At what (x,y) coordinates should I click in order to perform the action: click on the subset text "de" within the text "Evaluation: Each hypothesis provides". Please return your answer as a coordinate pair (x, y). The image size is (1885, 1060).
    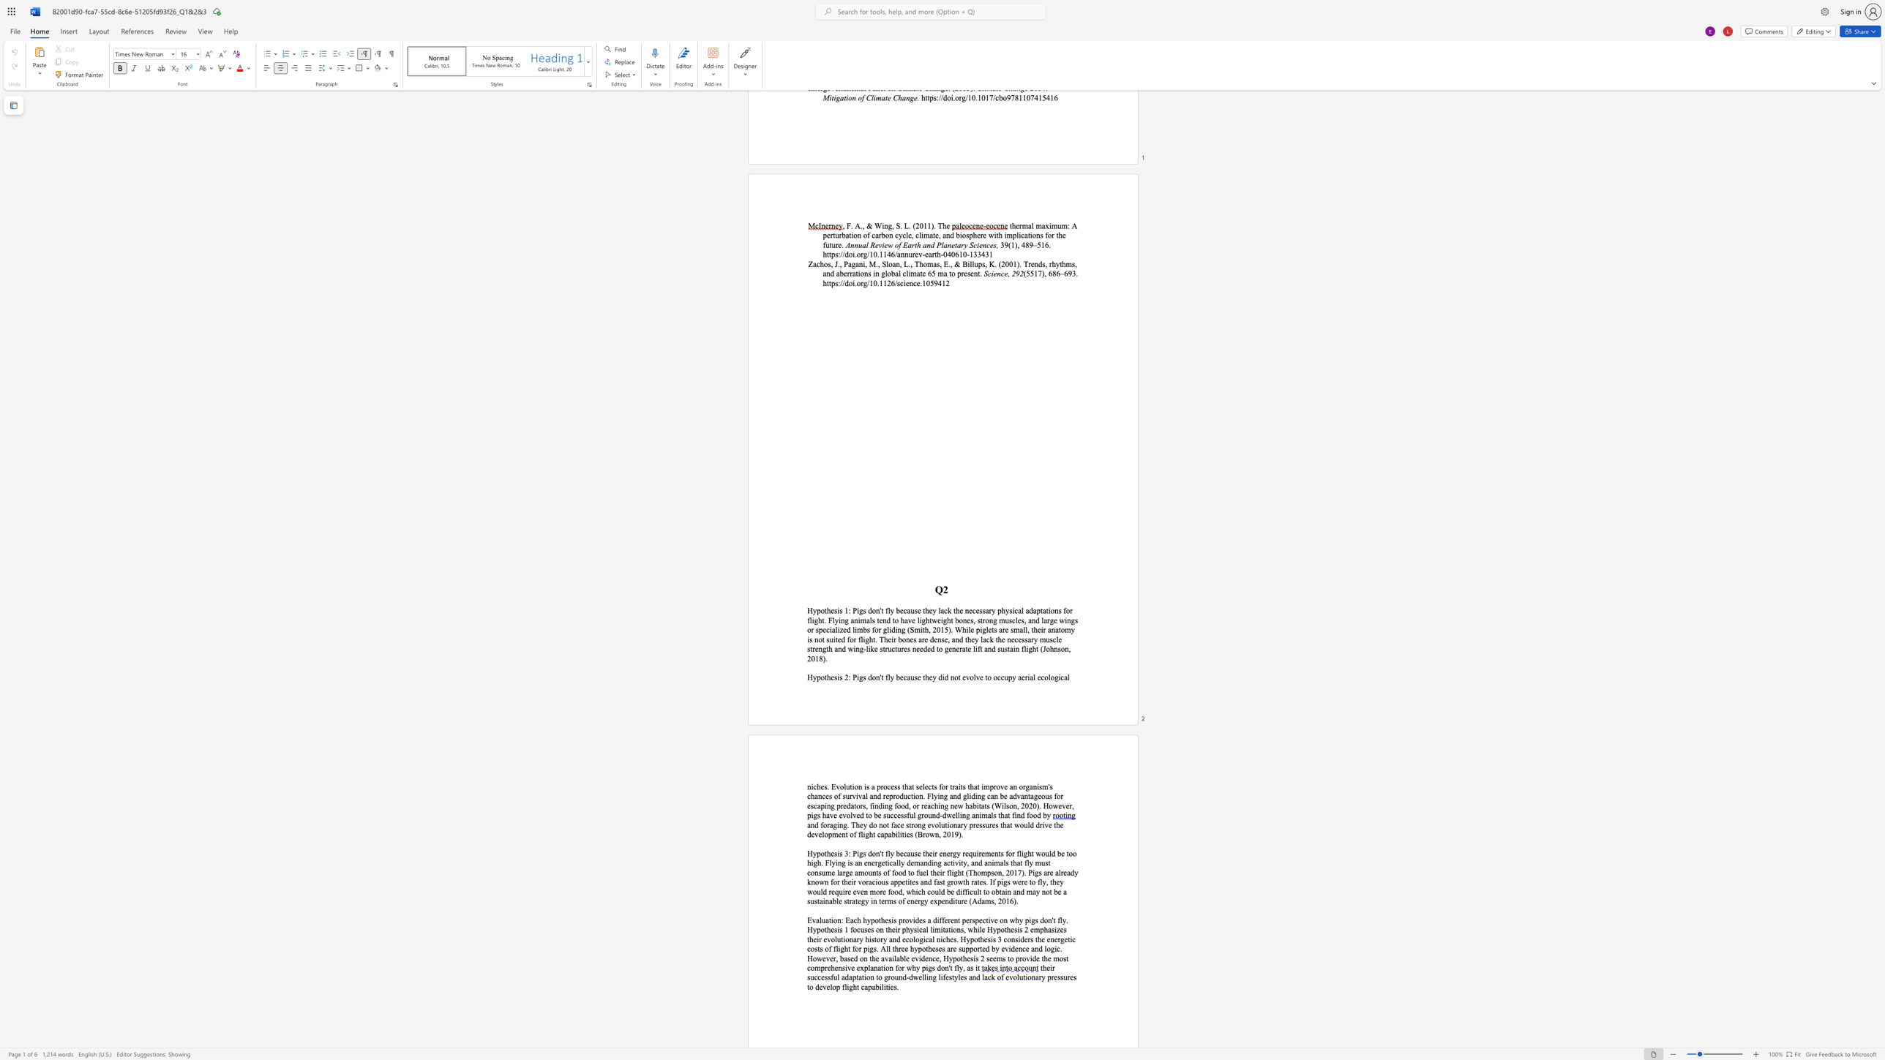
    Looking at the image, I should click on (914, 920).